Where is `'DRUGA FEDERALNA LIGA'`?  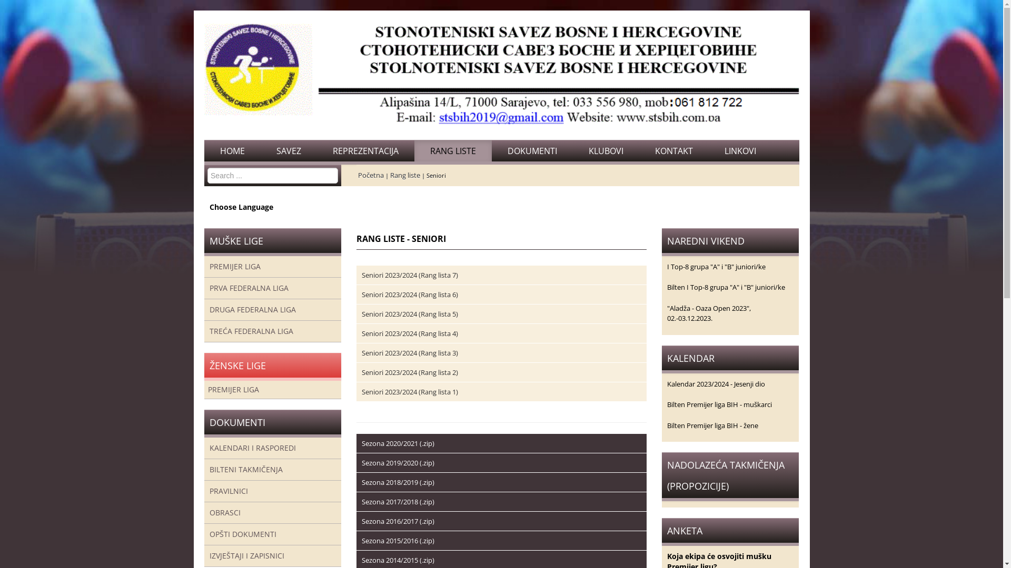 'DRUGA FEDERALNA LIGA' is located at coordinates (273, 309).